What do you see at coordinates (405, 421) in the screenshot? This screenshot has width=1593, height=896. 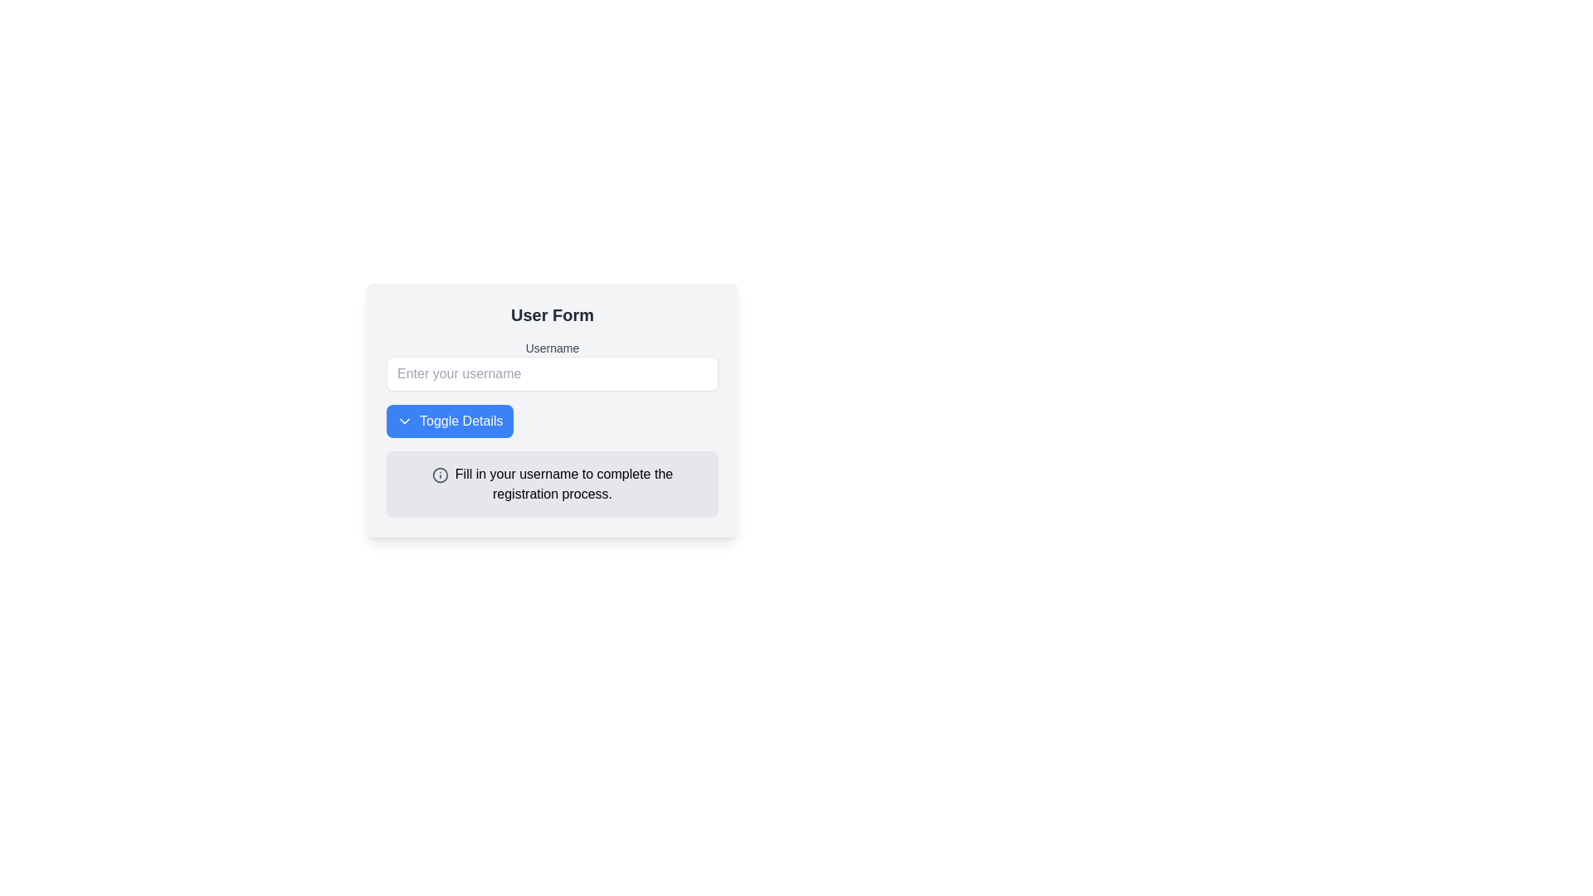 I see `the small chevron arrow icon outlined in white on a blue background, located to the left of the 'Toggle Details' text` at bounding box center [405, 421].